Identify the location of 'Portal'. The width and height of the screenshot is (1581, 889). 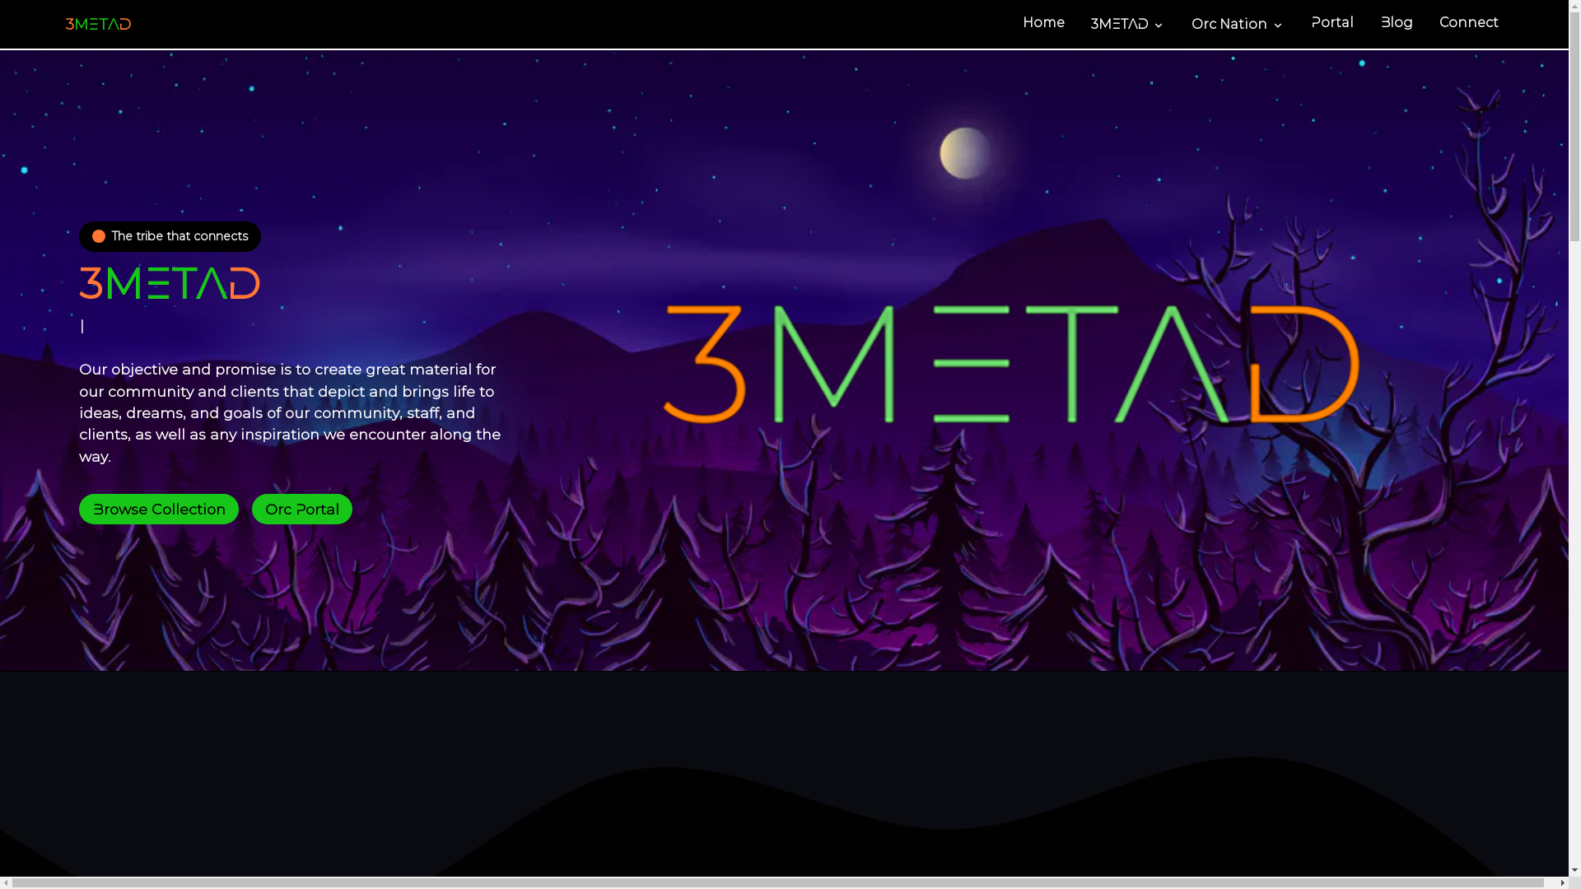
(1331, 24).